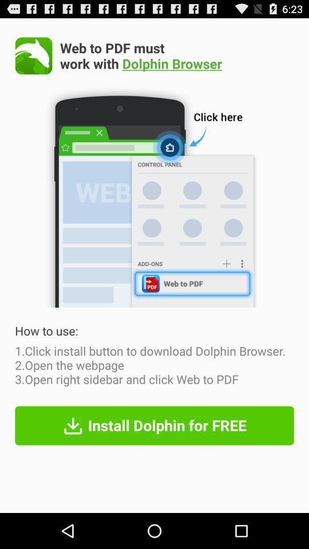 The width and height of the screenshot is (309, 549). Describe the element at coordinates (34, 55) in the screenshot. I see `goto website` at that location.